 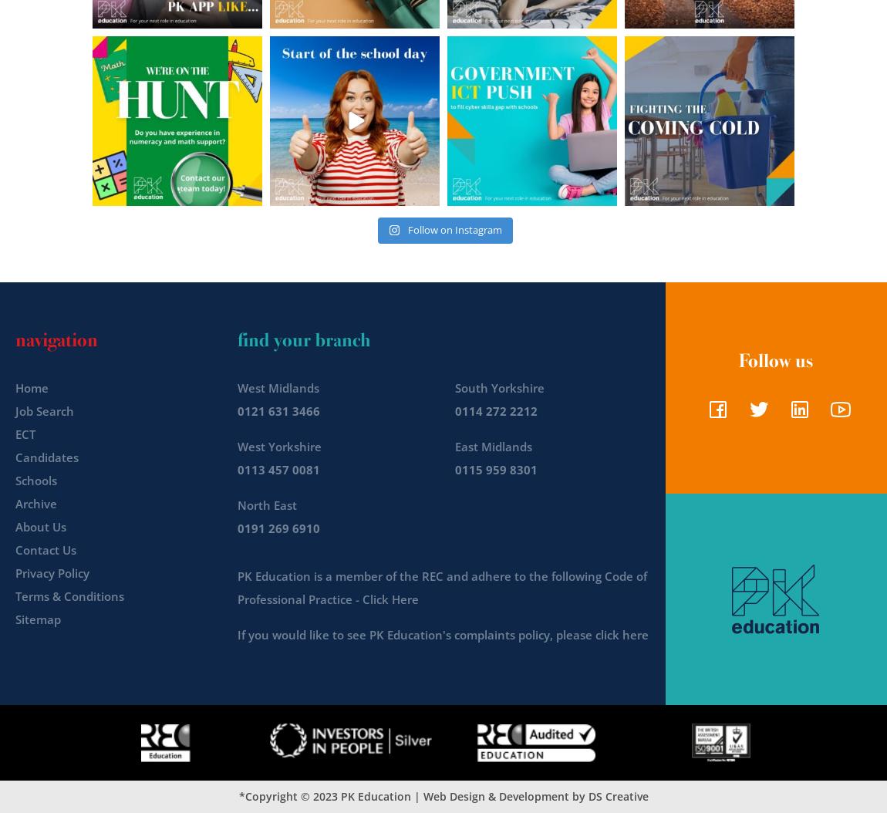 I want to click on 'Job Search', so click(x=15, y=410).